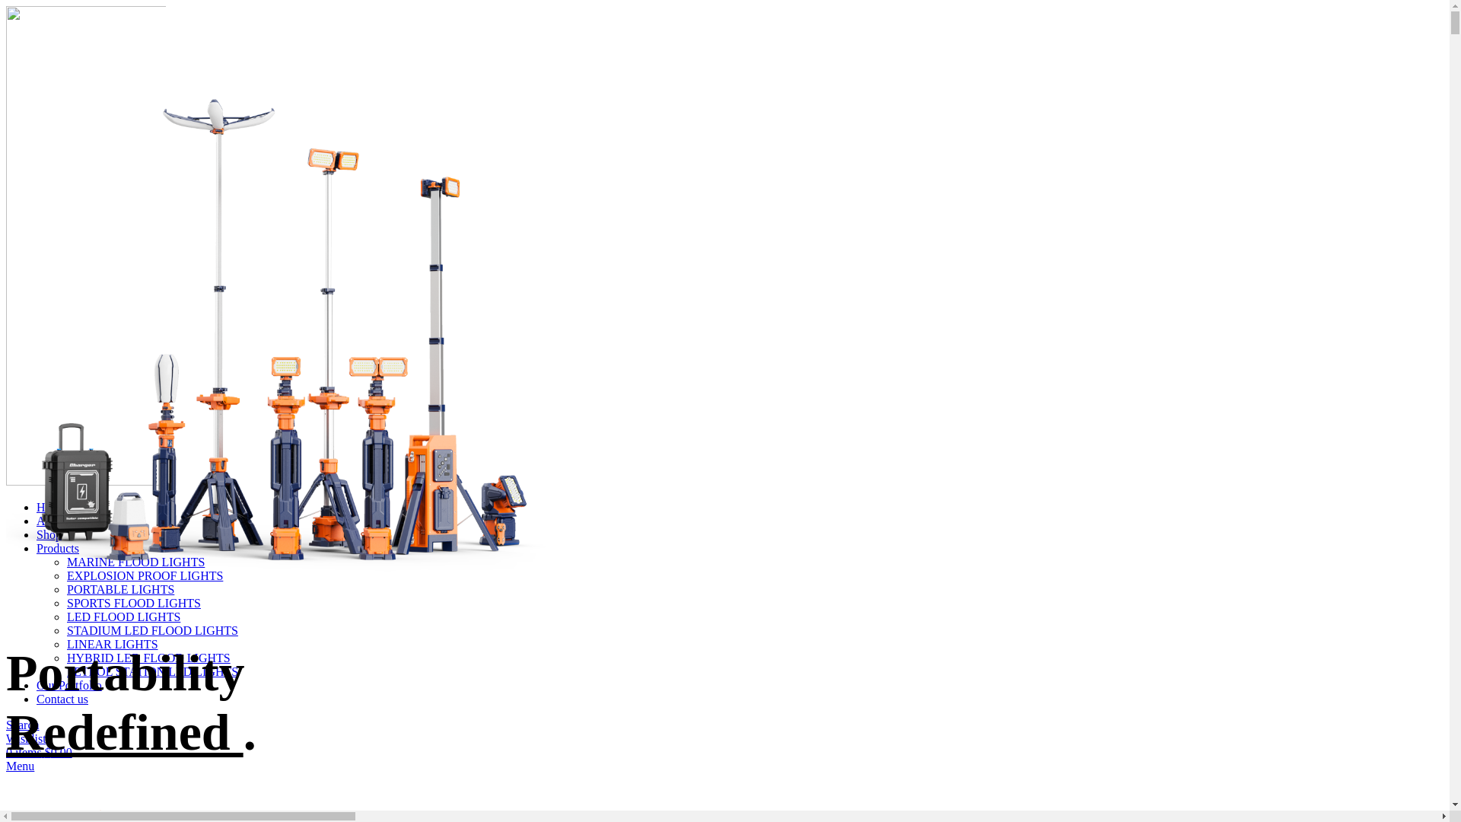  I want to click on 'Menu', so click(6, 766).